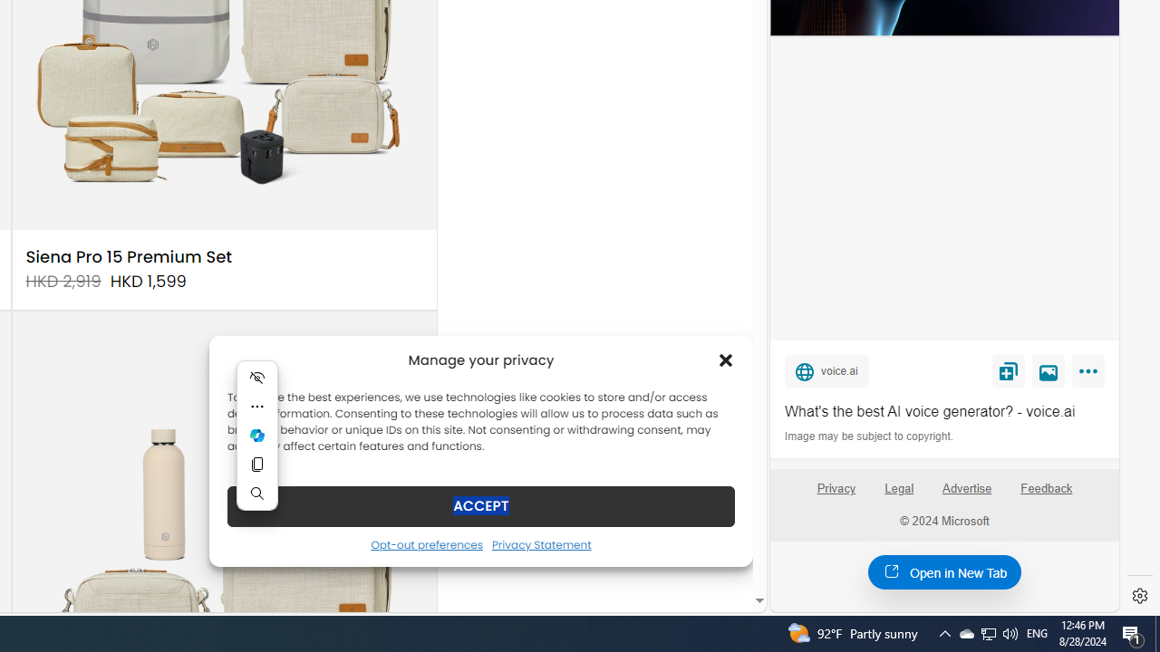  I want to click on 'Ask Copilot', so click(256, 435).